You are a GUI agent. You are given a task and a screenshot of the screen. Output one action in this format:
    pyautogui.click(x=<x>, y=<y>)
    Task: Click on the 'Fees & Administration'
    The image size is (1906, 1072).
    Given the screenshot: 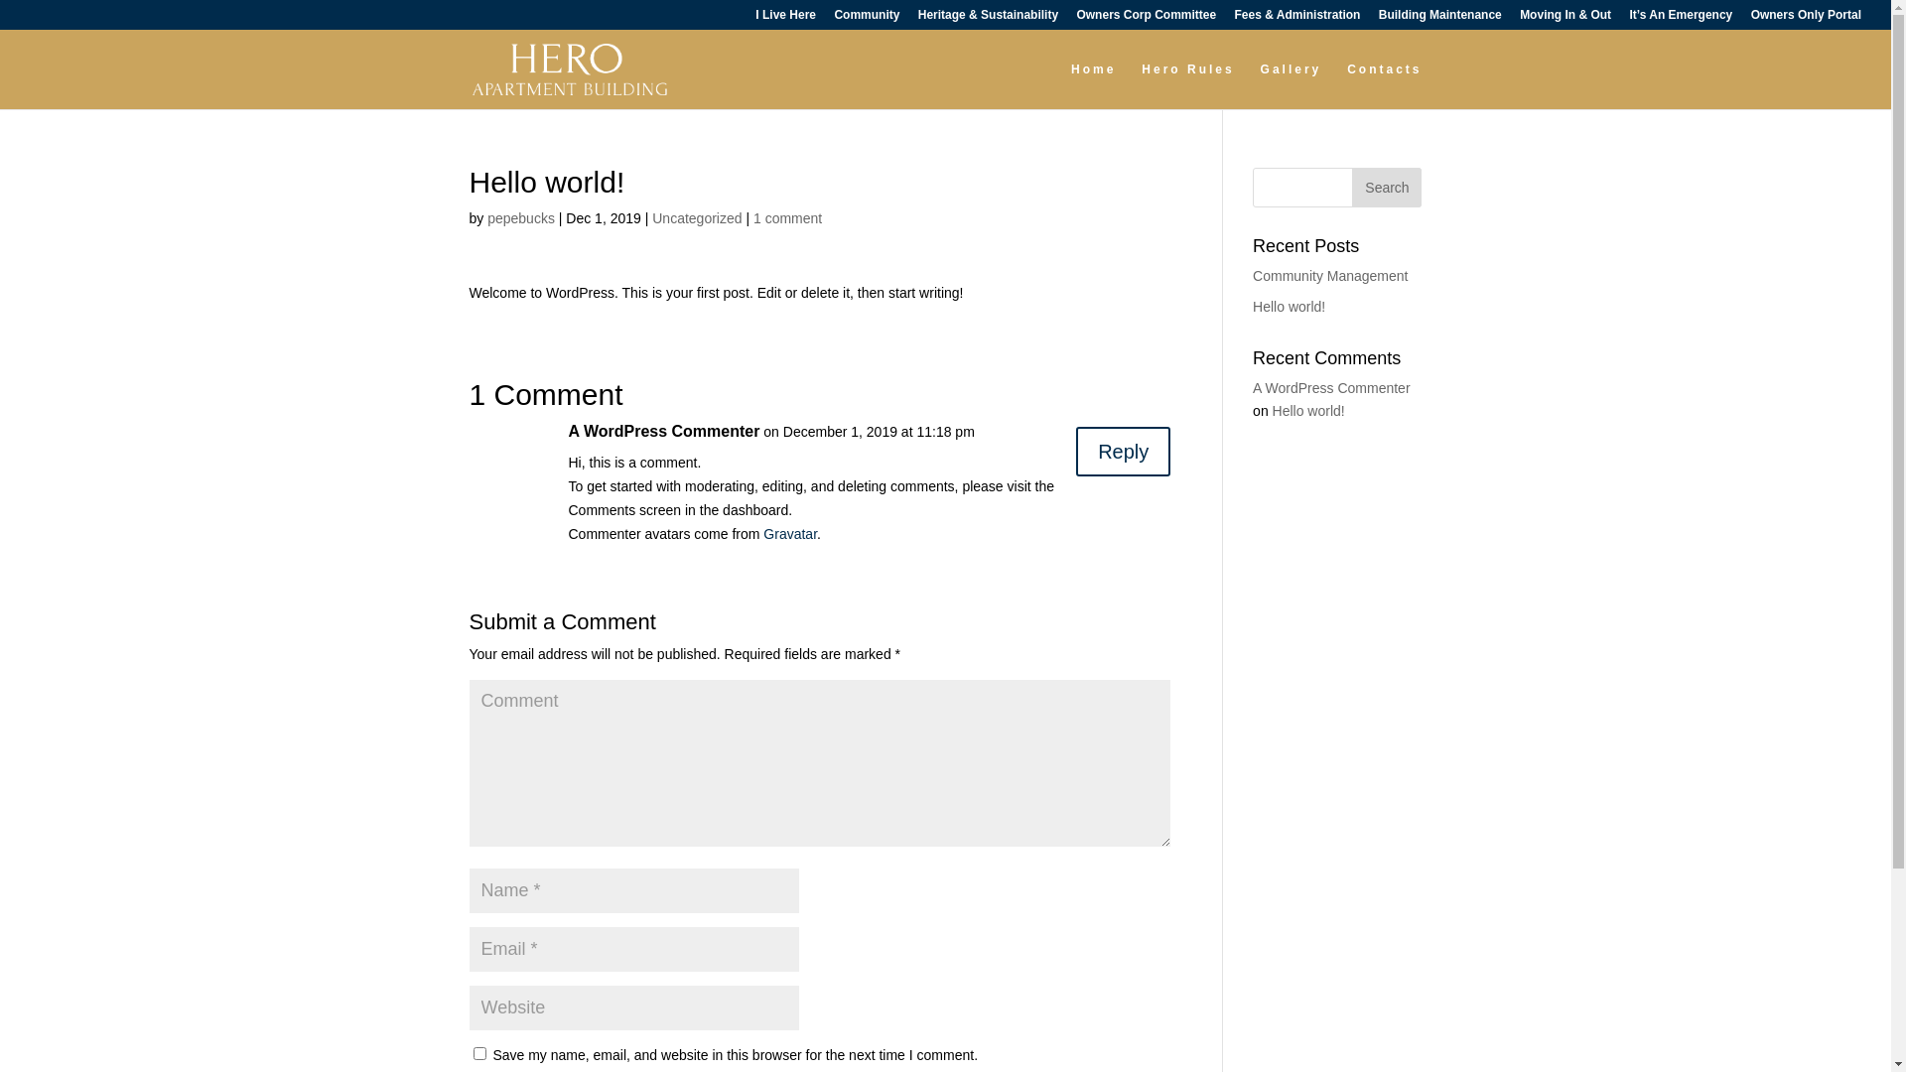 What is the action you would take?
    pyautogui.click(x=1297, y=19)
    